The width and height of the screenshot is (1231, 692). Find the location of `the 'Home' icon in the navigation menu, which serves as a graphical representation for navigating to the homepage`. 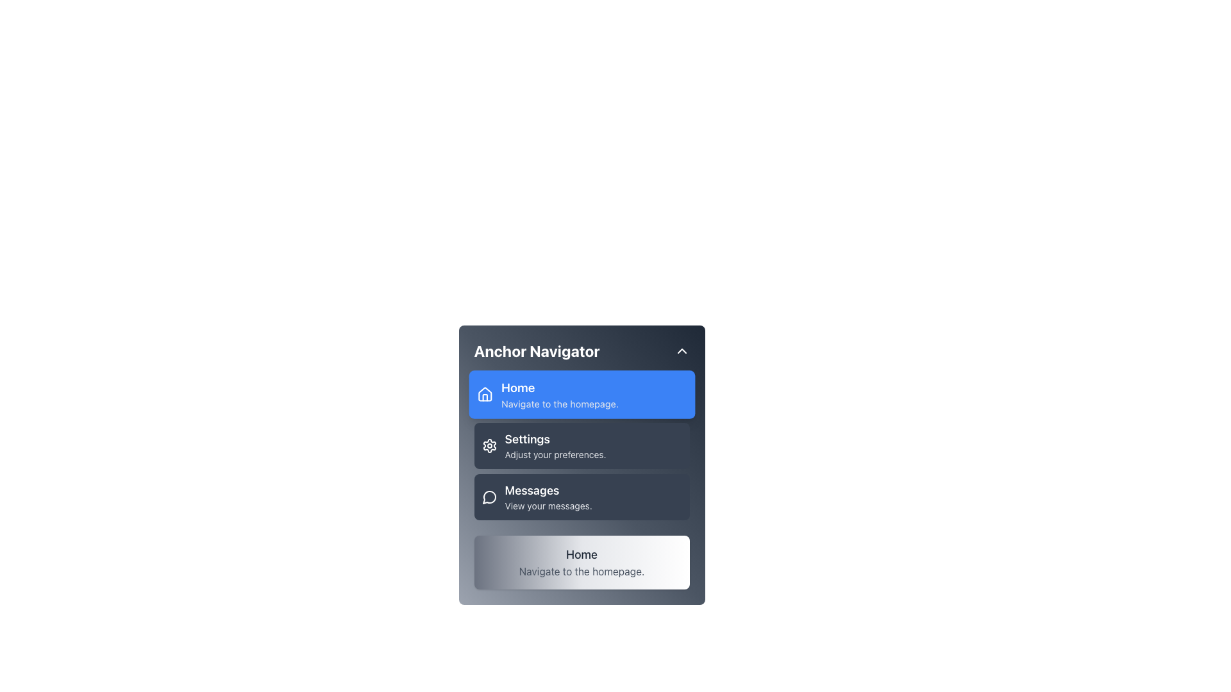

the 'Home' icon in the navigation menu, which serves as a graphical representation for navigating to the homepage is located at coordinates (484, 393).